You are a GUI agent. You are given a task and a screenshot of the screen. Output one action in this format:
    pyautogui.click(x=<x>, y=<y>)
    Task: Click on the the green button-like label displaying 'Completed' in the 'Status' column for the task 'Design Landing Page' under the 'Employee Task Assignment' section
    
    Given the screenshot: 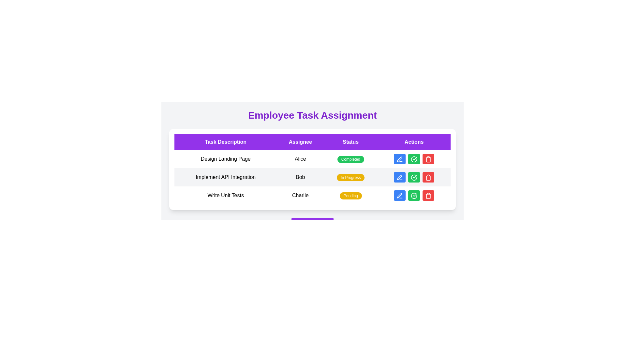 What is the action you would take?
    pyautogui.click(x=350, y=159)
    